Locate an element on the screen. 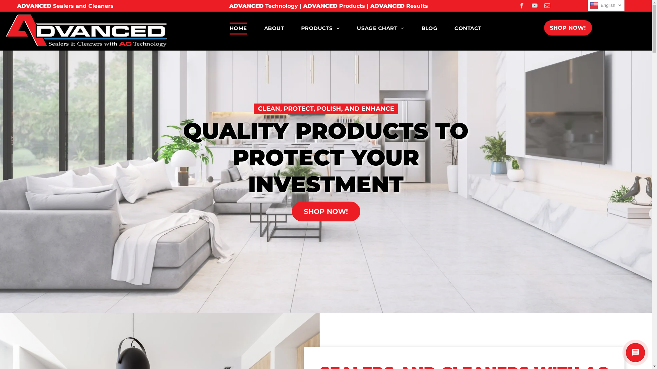 This screenshot has width=657, height=369. 'HOME' is located at coordinates (238, 28).